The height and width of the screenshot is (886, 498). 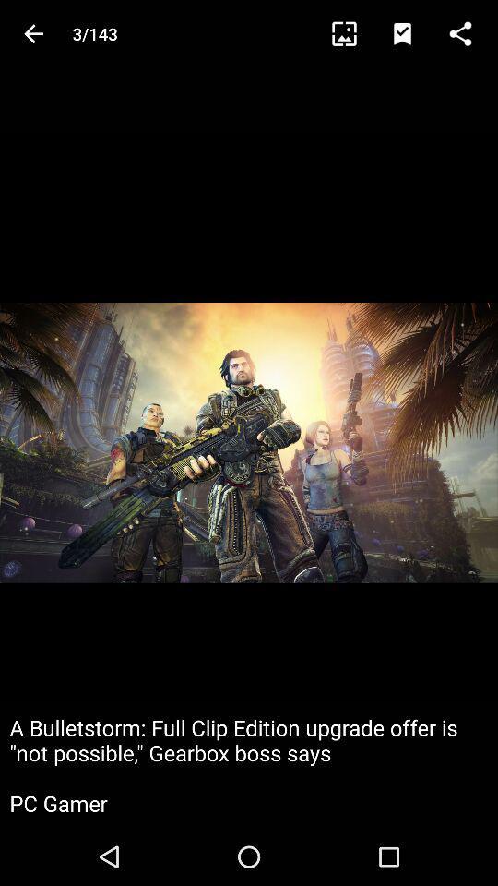 What do you see at coordinates (410, 32) in the screenshot?
I see `bookmark` at bounding box center [410, 32].